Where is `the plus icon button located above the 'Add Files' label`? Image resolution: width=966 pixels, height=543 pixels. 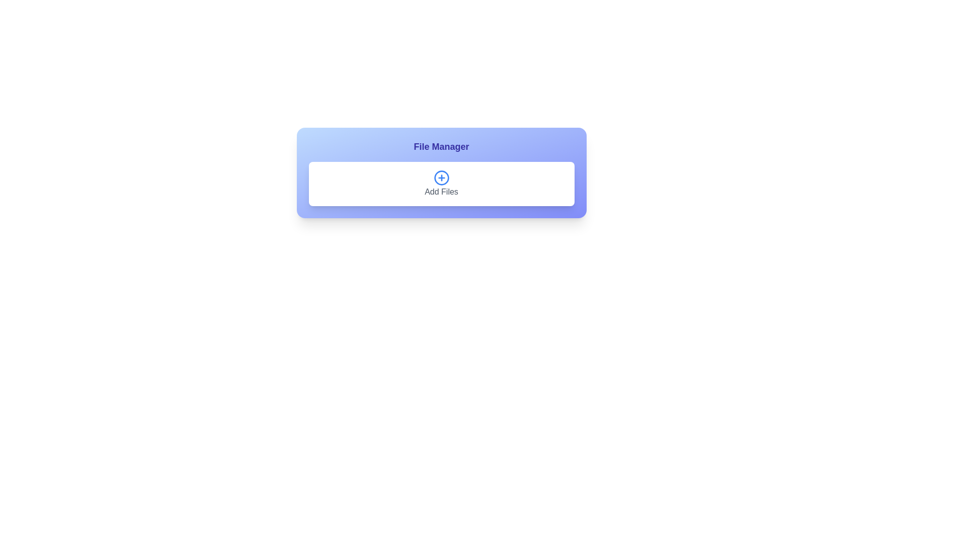 the plus icon button located above the 'Add Files' label is located at coordinates (441, 177).